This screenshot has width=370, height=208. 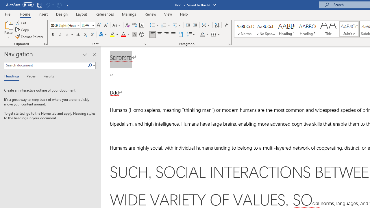 I want to click on 'Underline', so click(x=69, y=34).